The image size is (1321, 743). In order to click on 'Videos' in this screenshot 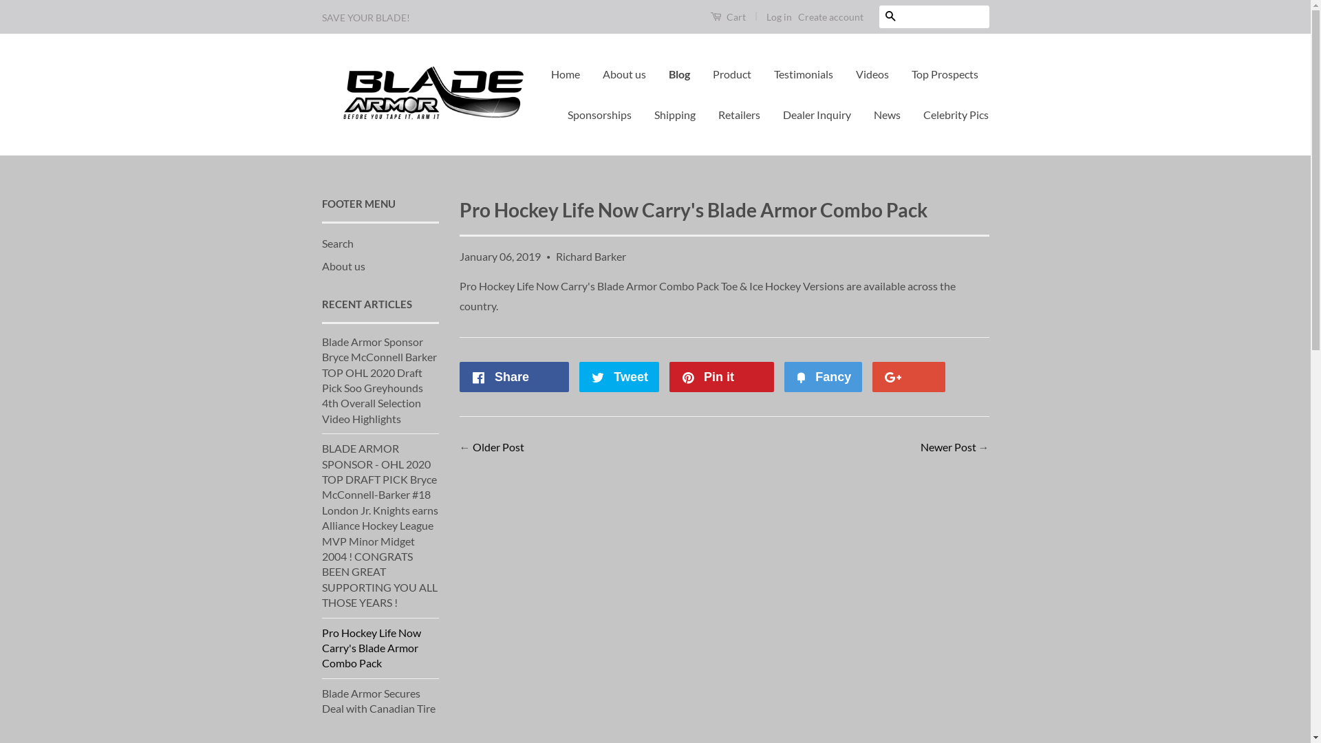, I will do `click(871, 74)`.